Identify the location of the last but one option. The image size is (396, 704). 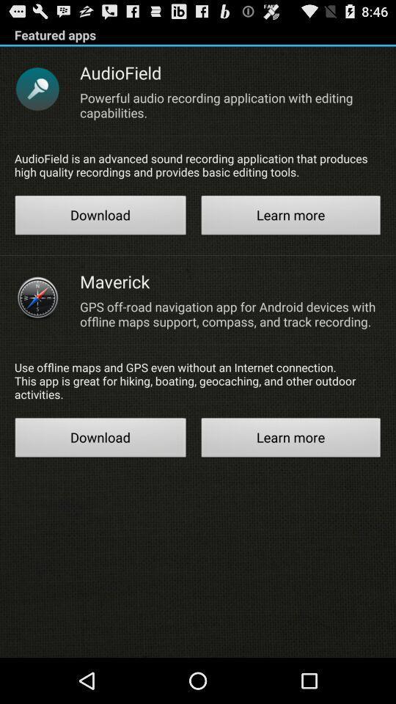
(100, 439).